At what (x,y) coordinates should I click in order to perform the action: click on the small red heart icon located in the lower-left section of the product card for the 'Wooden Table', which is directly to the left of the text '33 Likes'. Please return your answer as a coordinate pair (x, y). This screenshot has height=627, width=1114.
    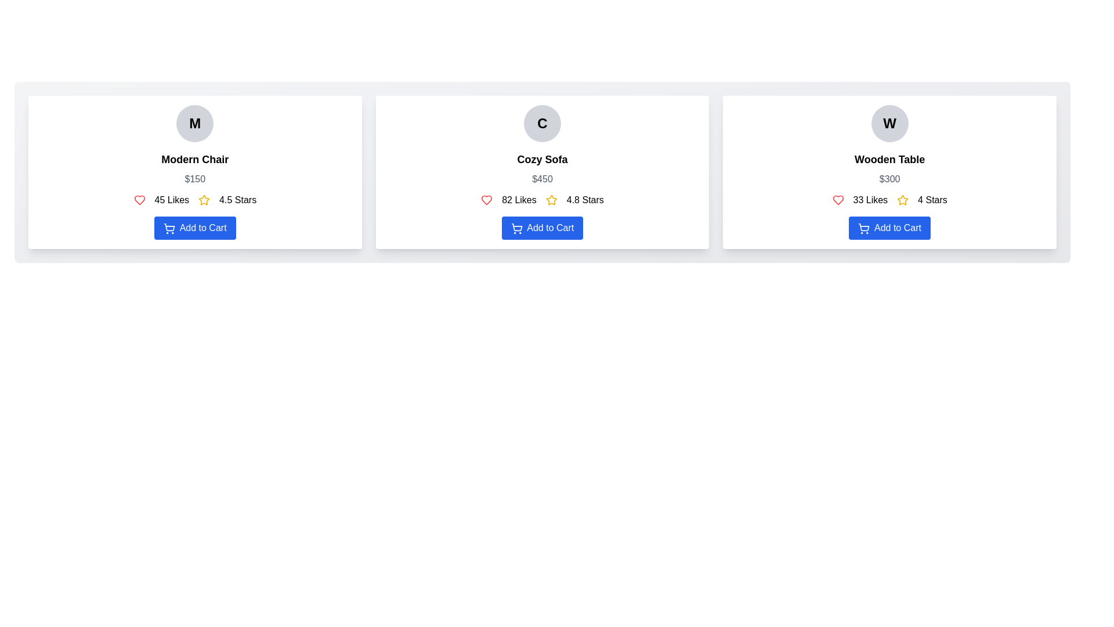
    Looking at the image, I should click on (838, 199).